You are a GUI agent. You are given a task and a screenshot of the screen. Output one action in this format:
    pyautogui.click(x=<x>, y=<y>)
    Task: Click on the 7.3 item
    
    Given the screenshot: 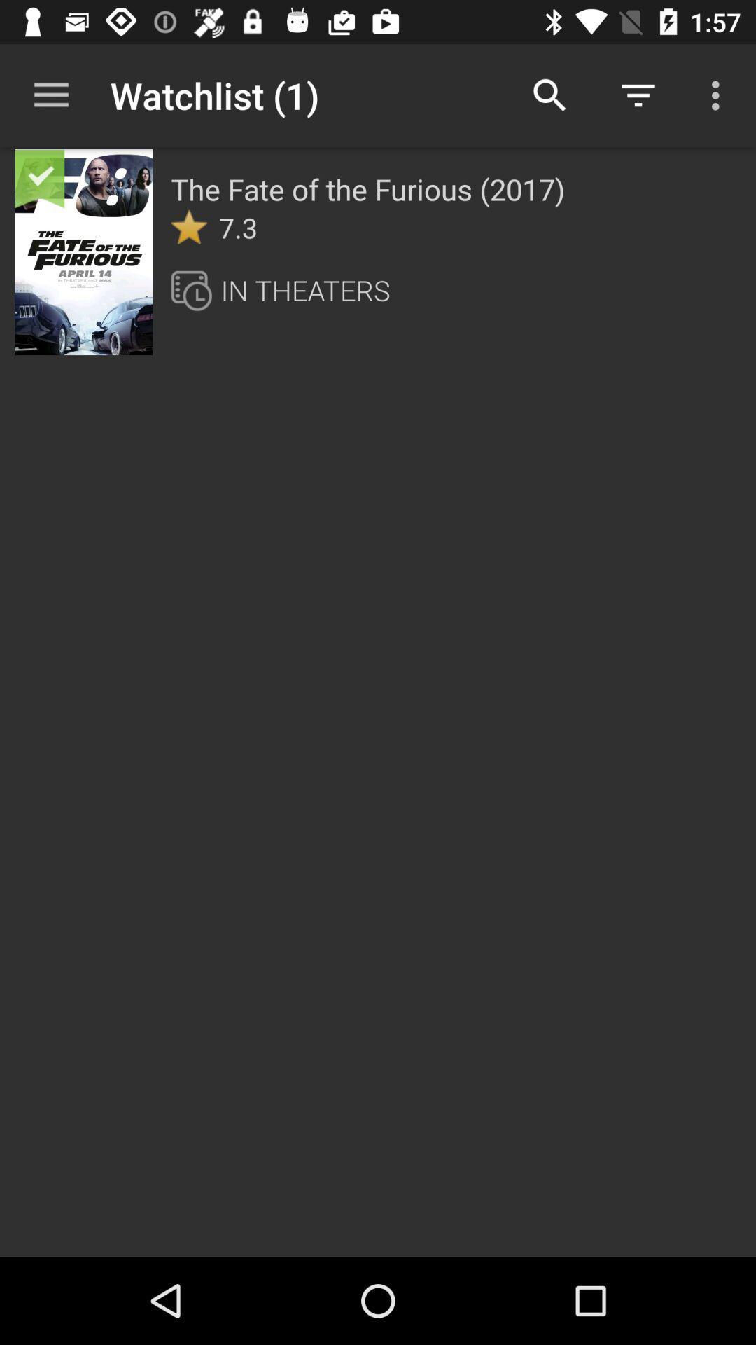 What is the action you would take?
    pyautogui.click(x=237, y=228)
    